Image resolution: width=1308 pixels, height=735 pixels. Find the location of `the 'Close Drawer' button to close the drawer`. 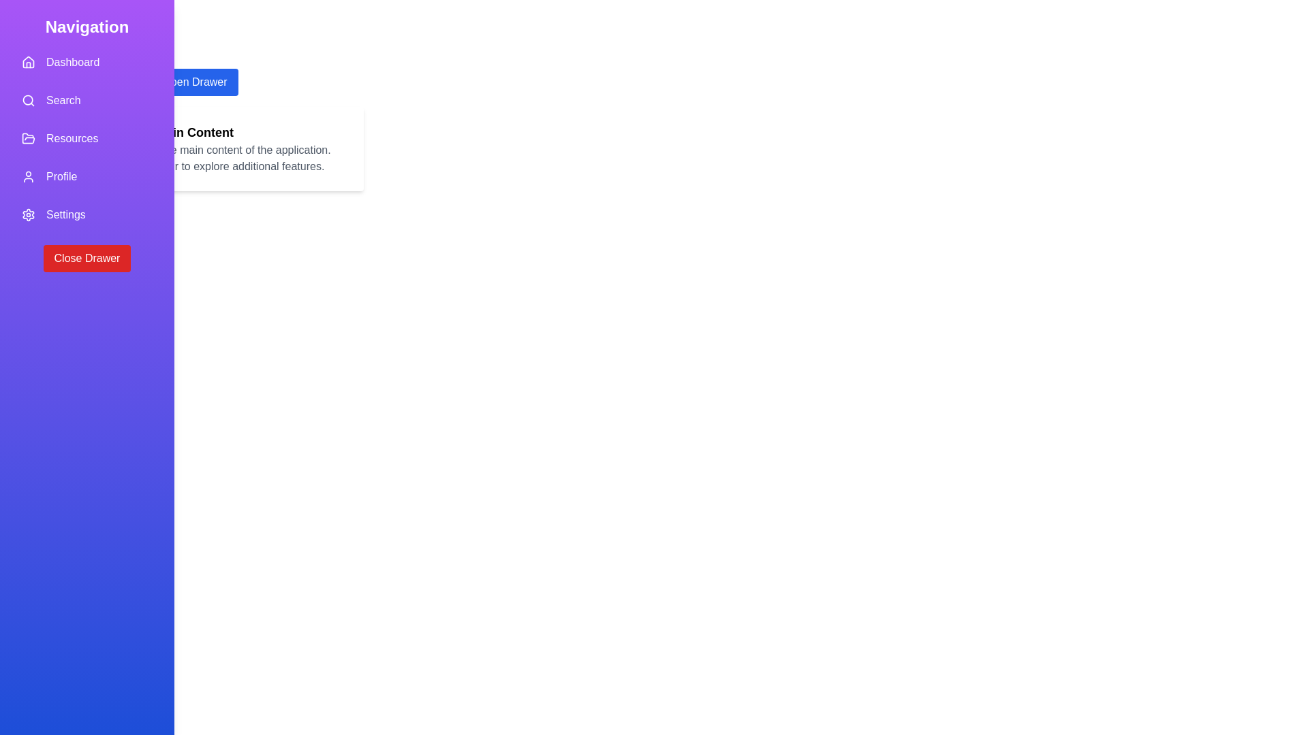

the 'Close Drawer' button to close the drawer is located at coordinates (87, 259).